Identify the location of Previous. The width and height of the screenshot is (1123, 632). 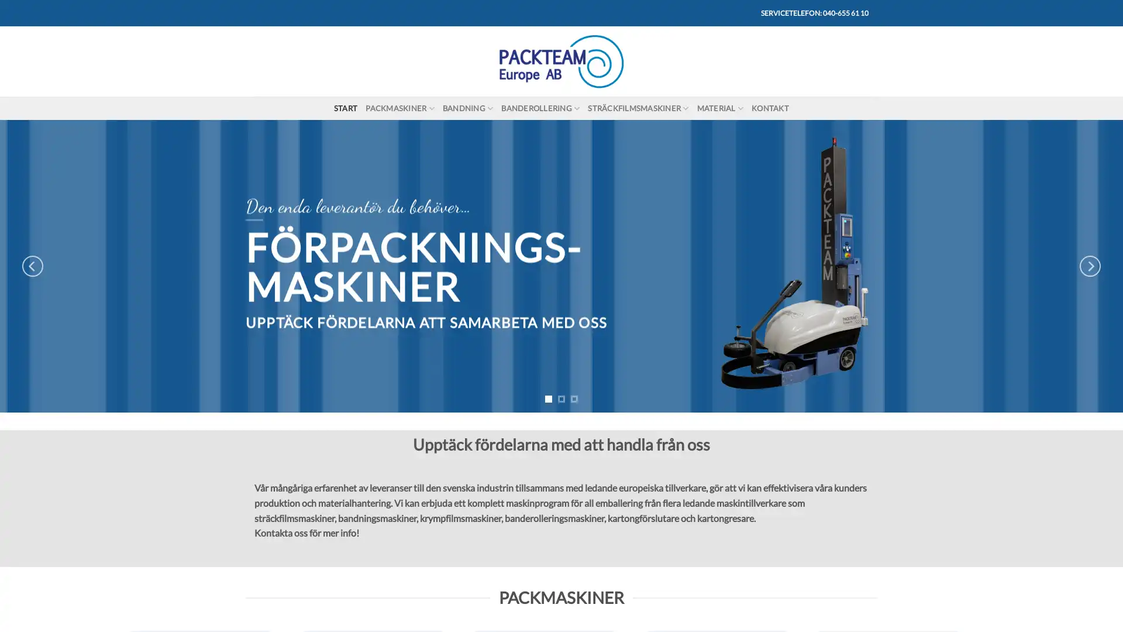
(33, 266).